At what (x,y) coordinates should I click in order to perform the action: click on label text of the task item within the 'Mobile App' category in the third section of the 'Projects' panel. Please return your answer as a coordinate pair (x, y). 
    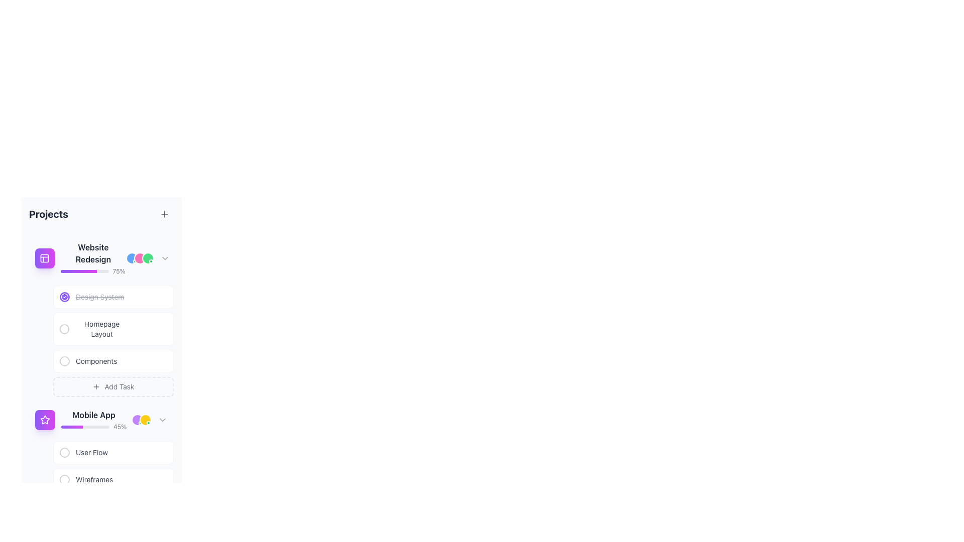
    Looking at the image, I should click on (86, 479).